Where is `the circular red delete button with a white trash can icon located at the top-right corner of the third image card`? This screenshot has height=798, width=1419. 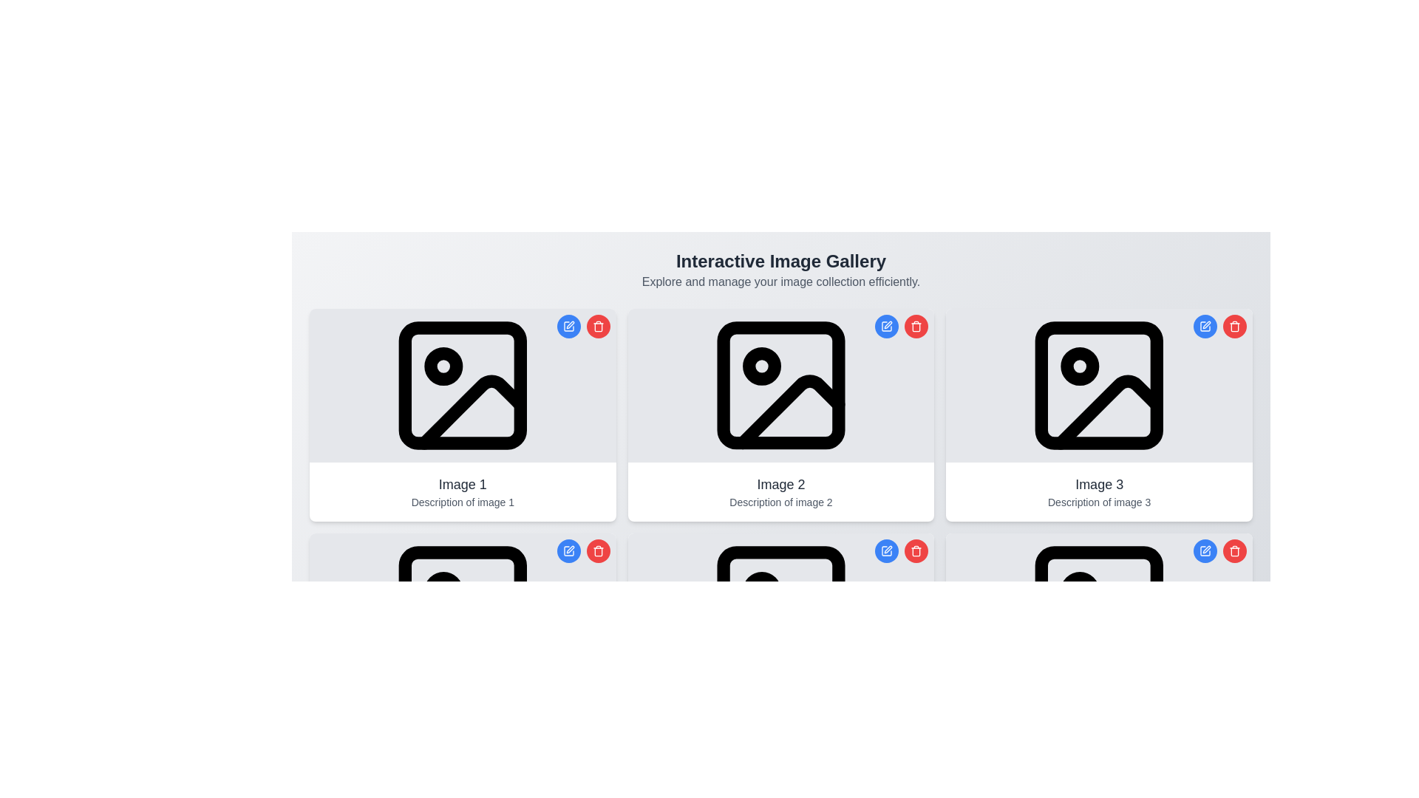 the circular red delete button with a white trash can icon located at the top-right corner of the third image card is located at coordinates (598, 550).